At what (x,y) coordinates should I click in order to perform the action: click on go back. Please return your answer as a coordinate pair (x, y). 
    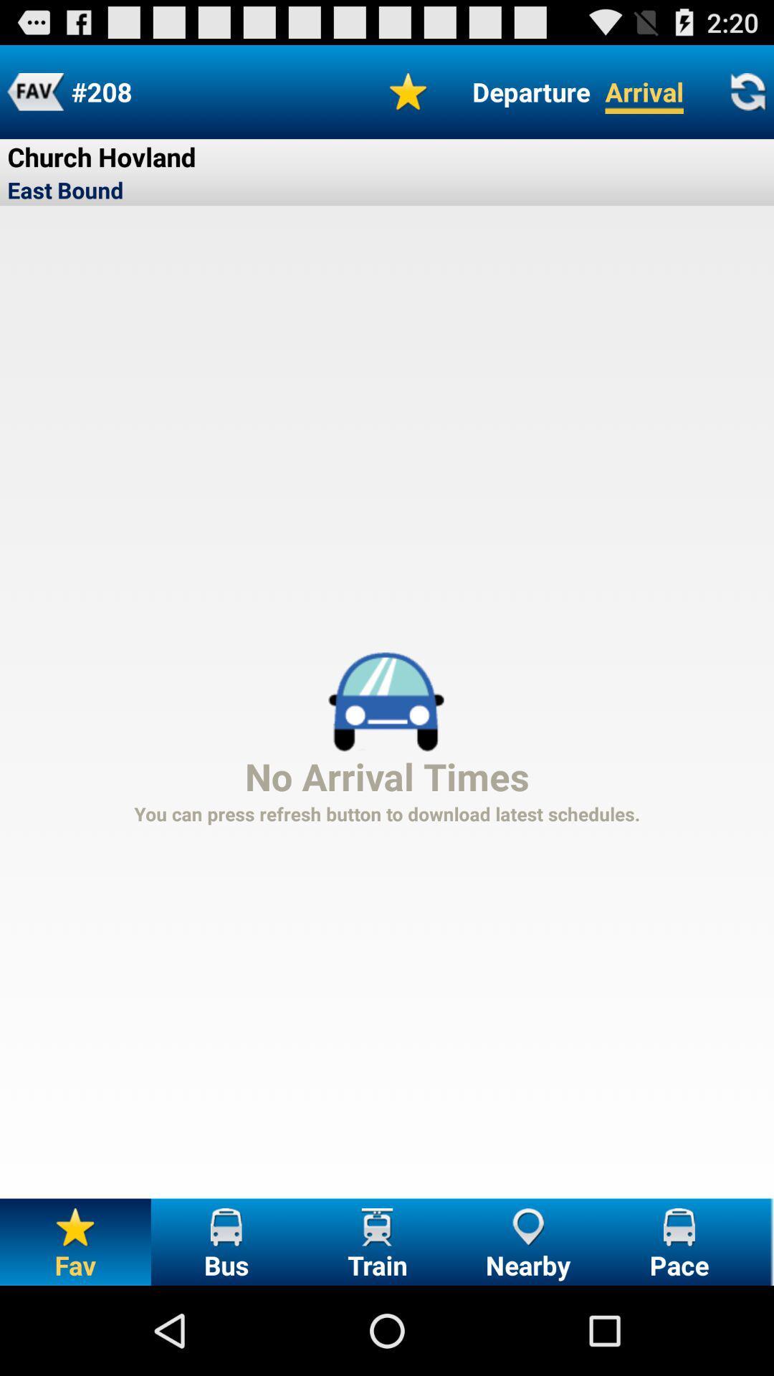
    Looking at the image, I should click on (34, 91).